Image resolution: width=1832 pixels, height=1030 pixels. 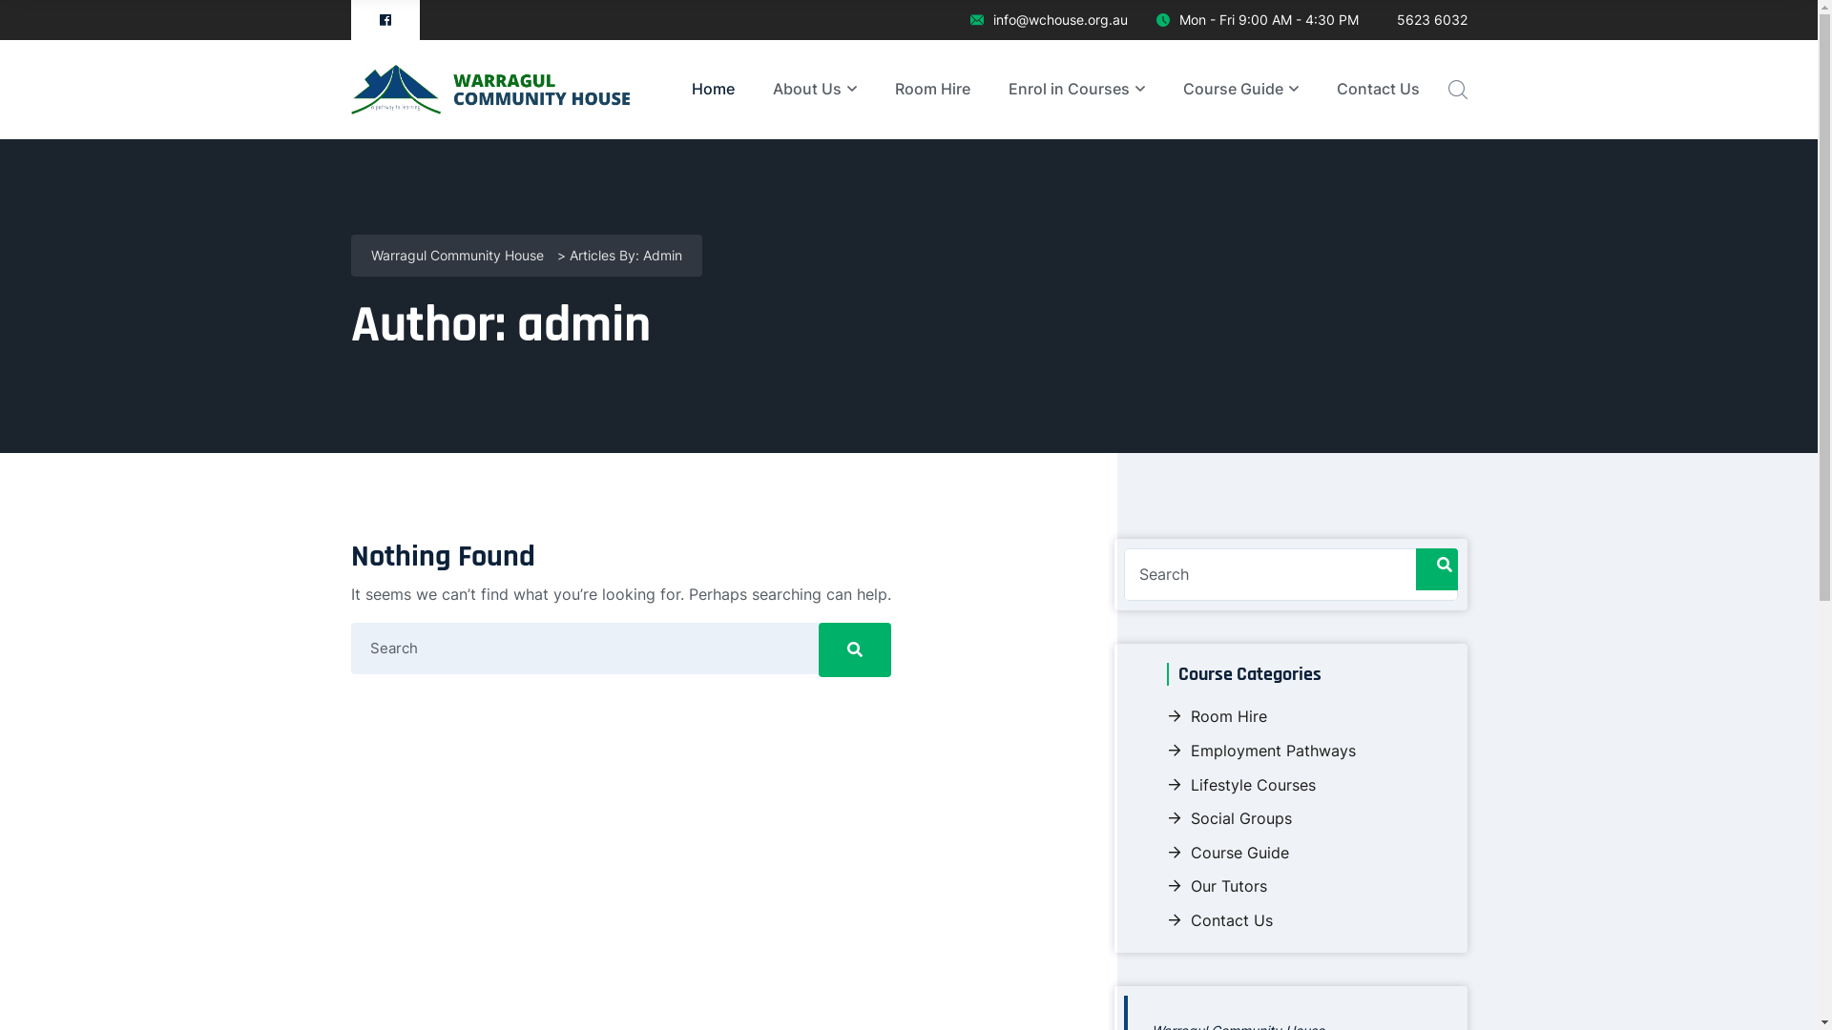 What do you see at coordinates (1240, 89) in the screenshot?
I see `'Course Guide'` at bounding box center [1240, 89].